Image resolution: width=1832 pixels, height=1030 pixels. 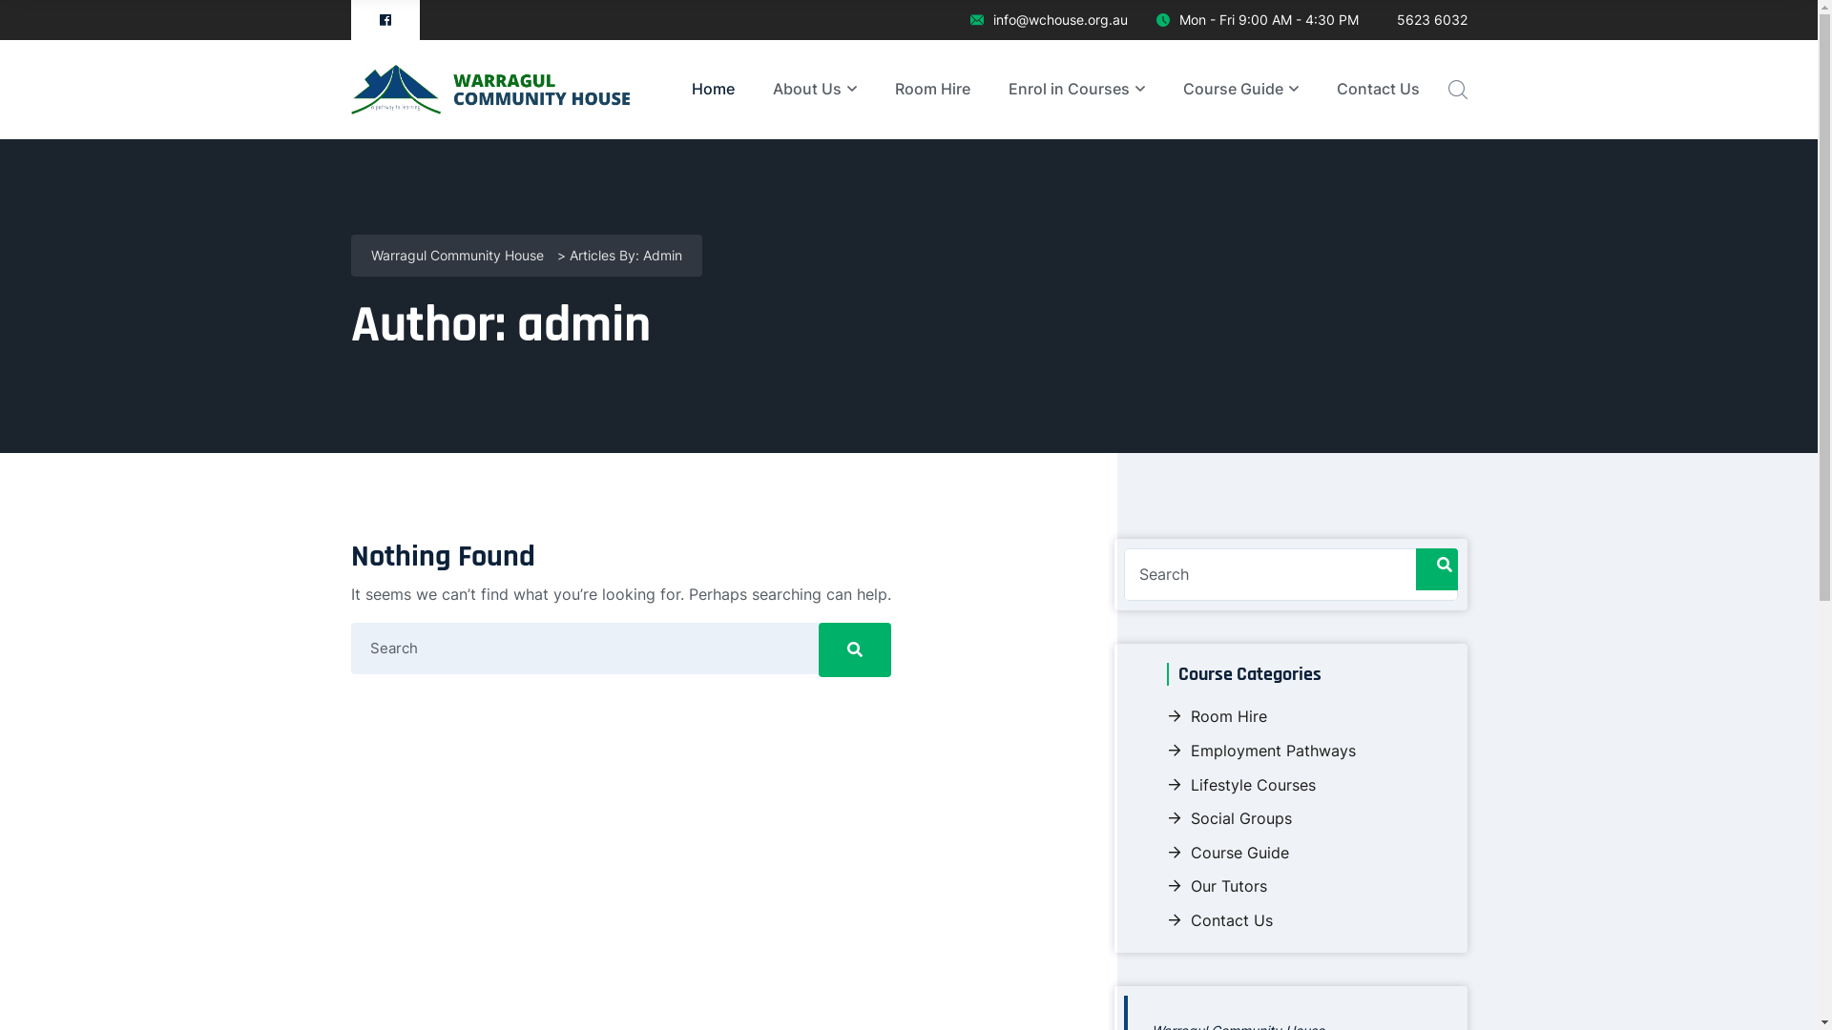 What do you see at coordinates (1240, 89) in the screenshot?
I see `'Course Guide'` at bounding box center [1240, 89].